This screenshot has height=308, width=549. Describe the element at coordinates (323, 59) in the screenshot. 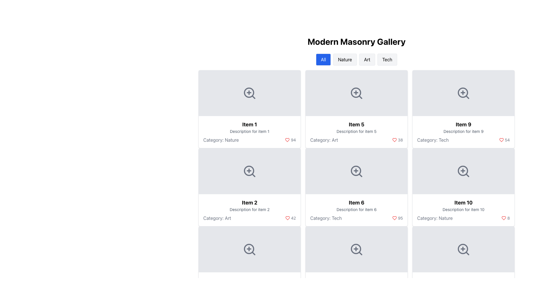

I see `the blue button labeled 'All', which is the leftmost button in a horizontal list under the heading 'Modern Masonry Gallery'` at that location.